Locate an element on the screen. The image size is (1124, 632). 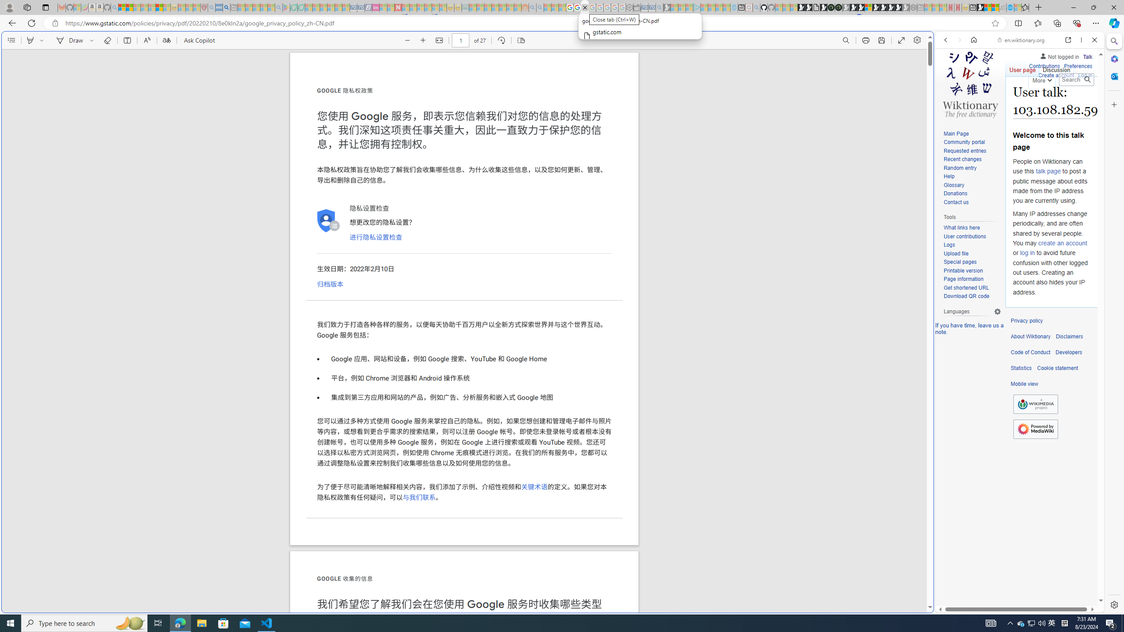
'Download QR code' is located at coordinates (966, 296).